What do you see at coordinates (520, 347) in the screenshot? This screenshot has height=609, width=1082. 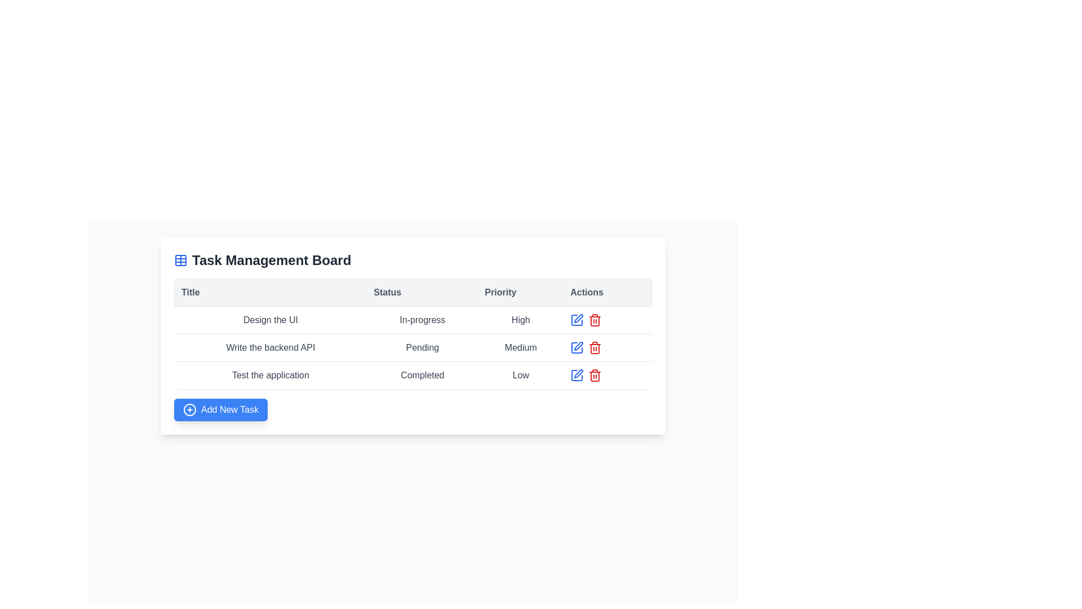 I see `the priority level label located in the third column of the second row of the table, under the 'Priority' column` at bounding box center [520, 347].